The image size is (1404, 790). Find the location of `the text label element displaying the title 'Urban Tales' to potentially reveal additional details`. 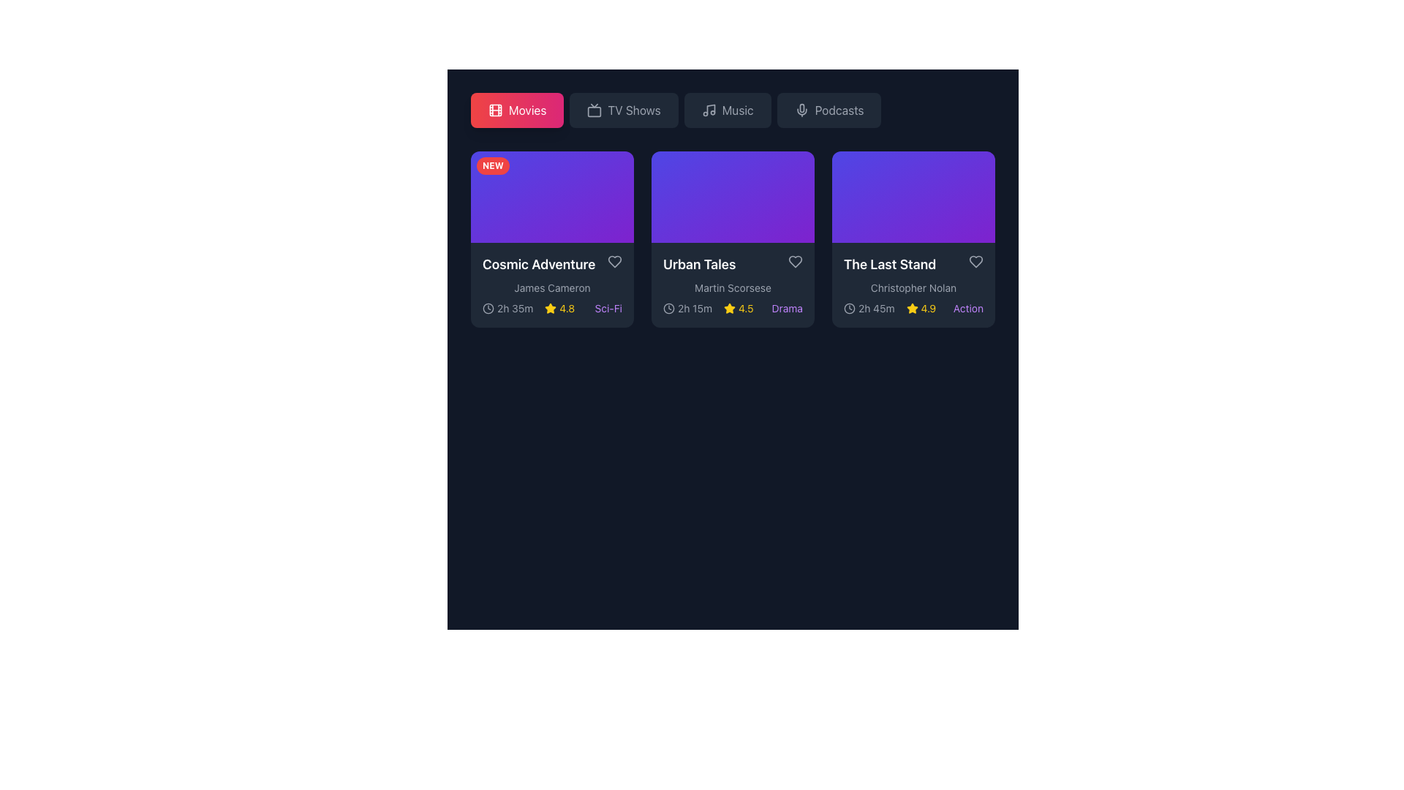

the text label element displaying the title 'Urban Tales' to potentially reveal additional details is located at coordinates (698, 265).